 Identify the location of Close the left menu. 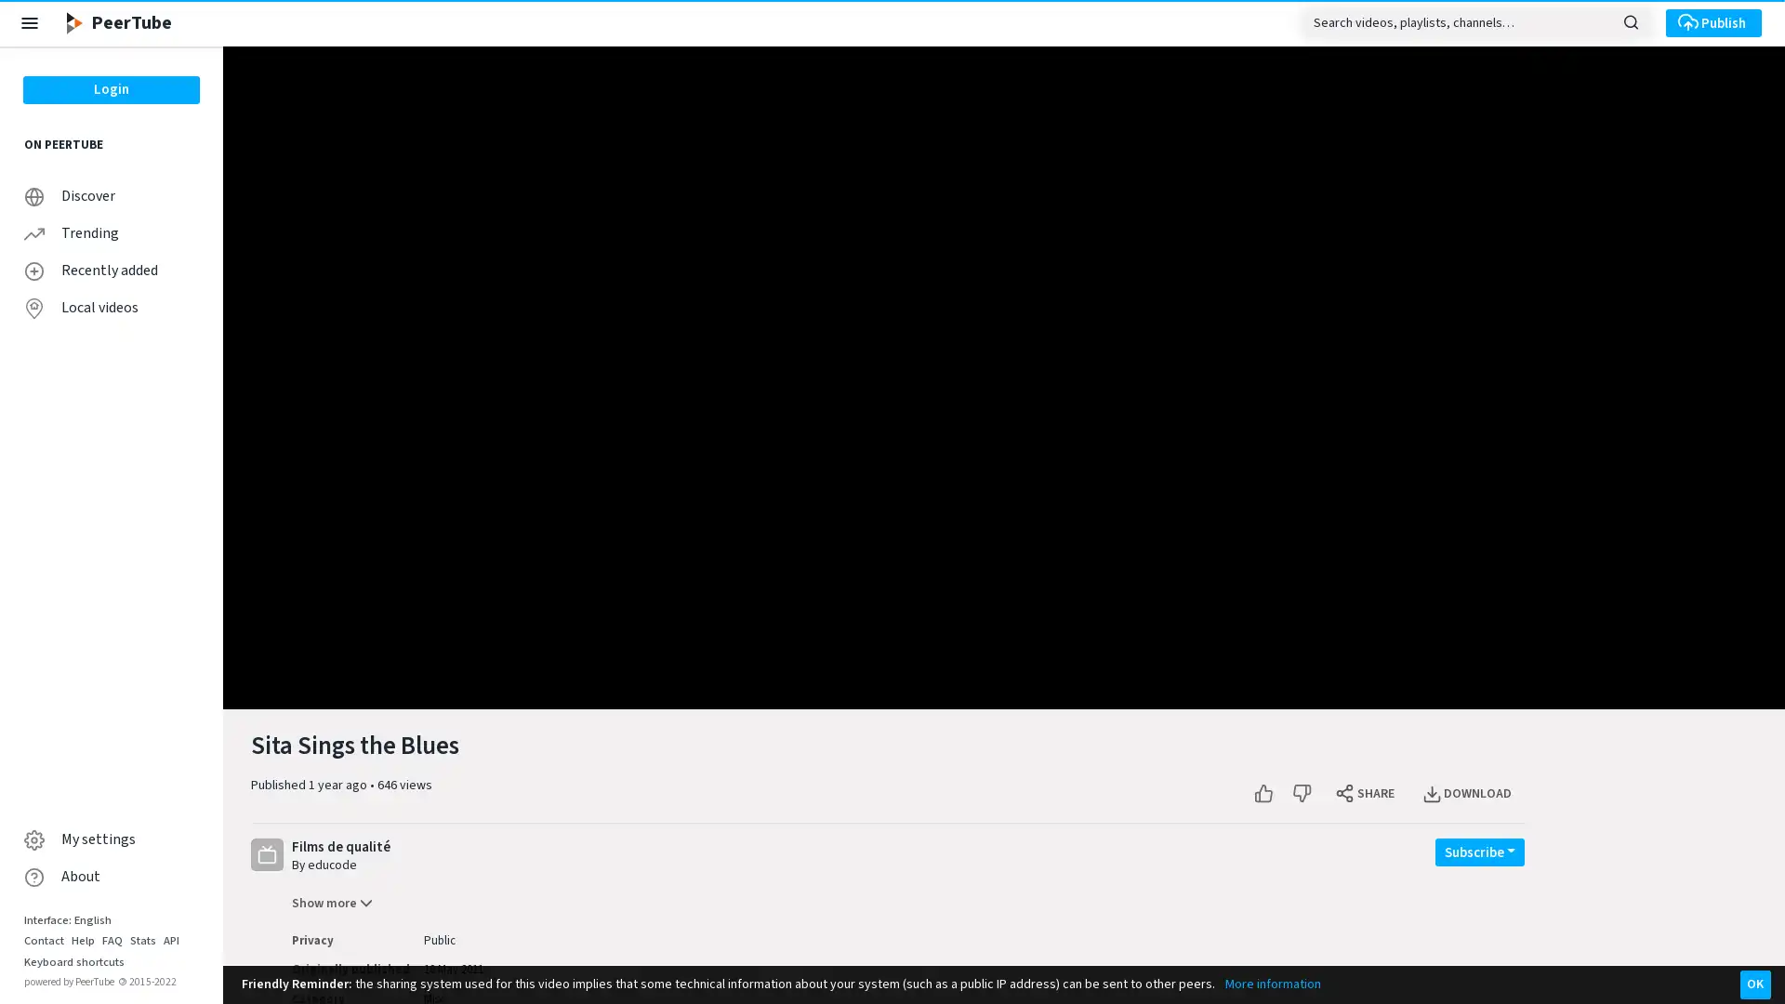
(30, 22).